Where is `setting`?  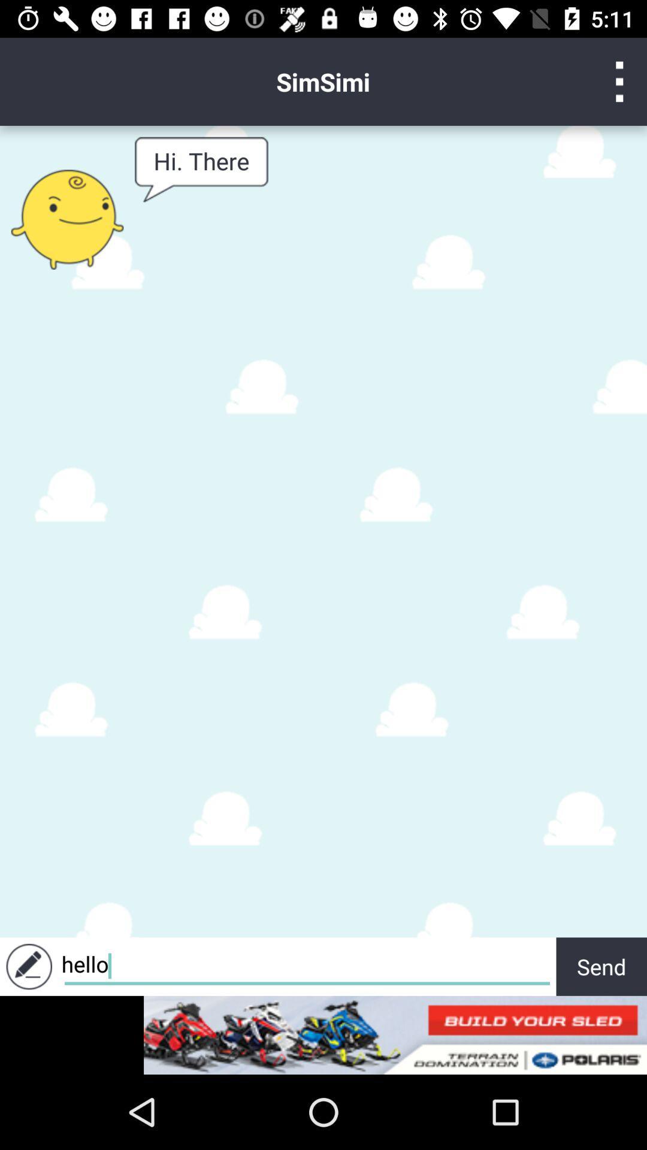 setting is located at coordinates (619, 81).